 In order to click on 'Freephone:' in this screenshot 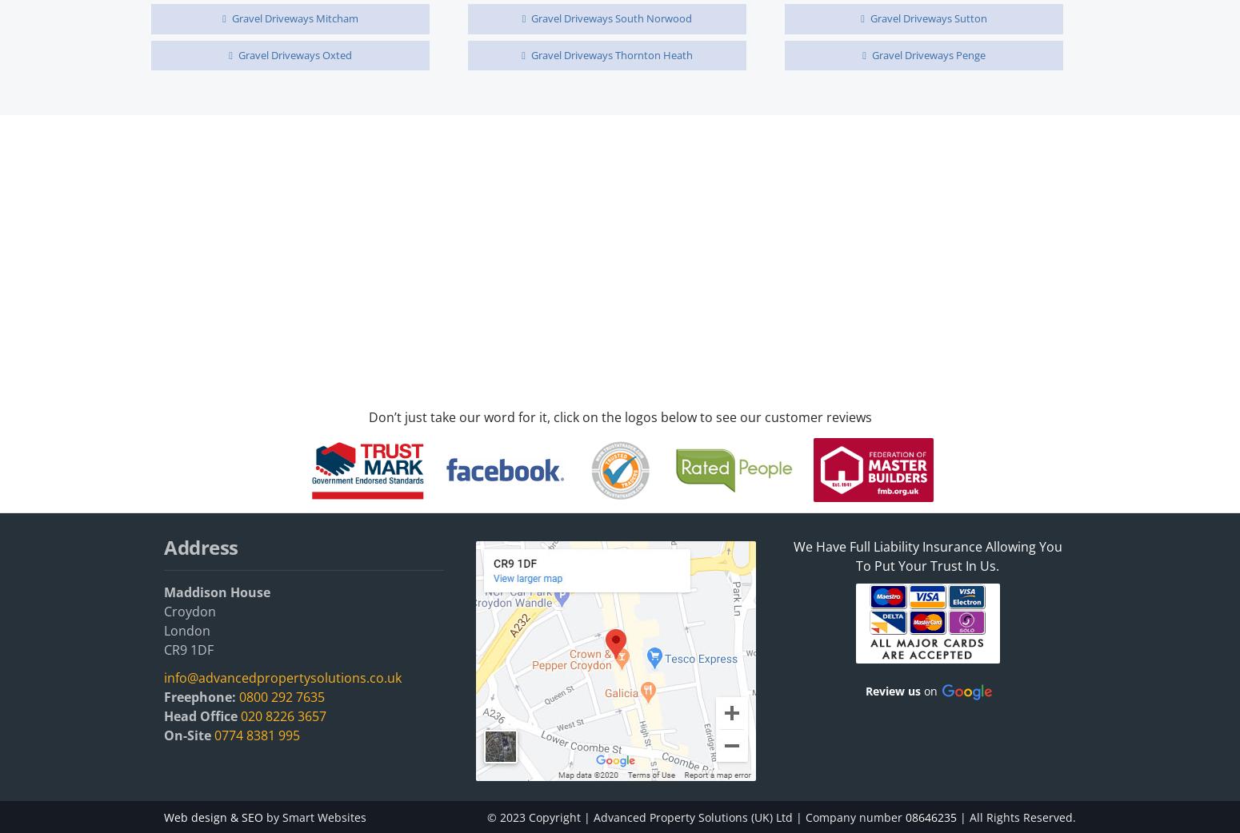, I will do `click(200, 695)`.